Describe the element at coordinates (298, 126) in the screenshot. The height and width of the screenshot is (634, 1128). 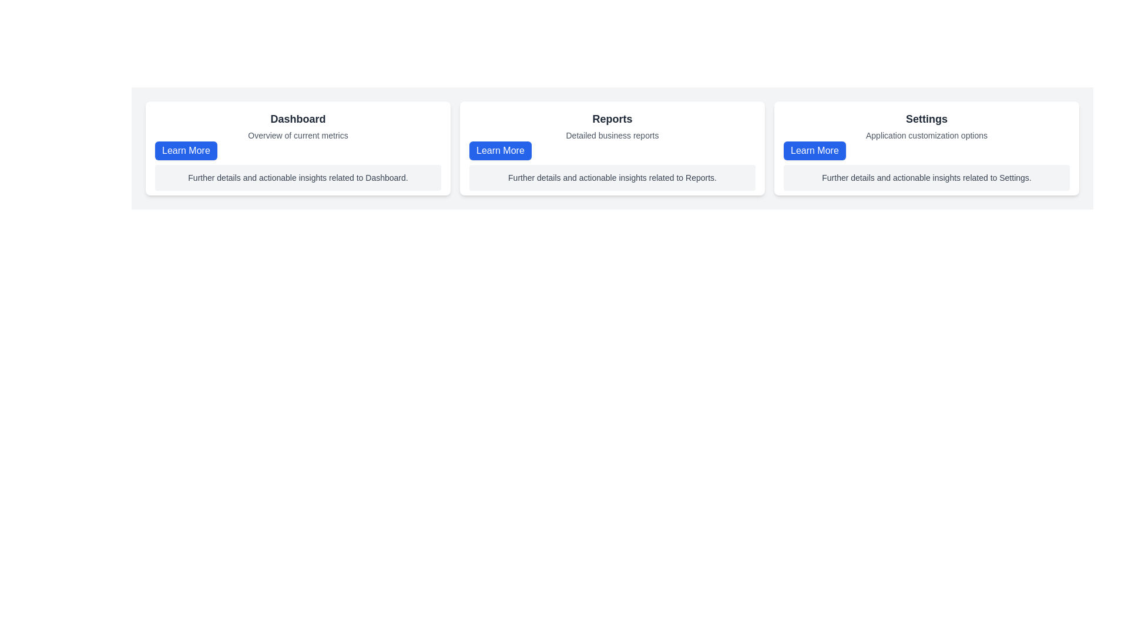
I see `the composite text element that serves as a header and subtitle pair, featuring 'Dashboard' as the bold title and 'Overview of current metrics' as the lighter subtitle, located at the top-left corner of a card layout` at that location.